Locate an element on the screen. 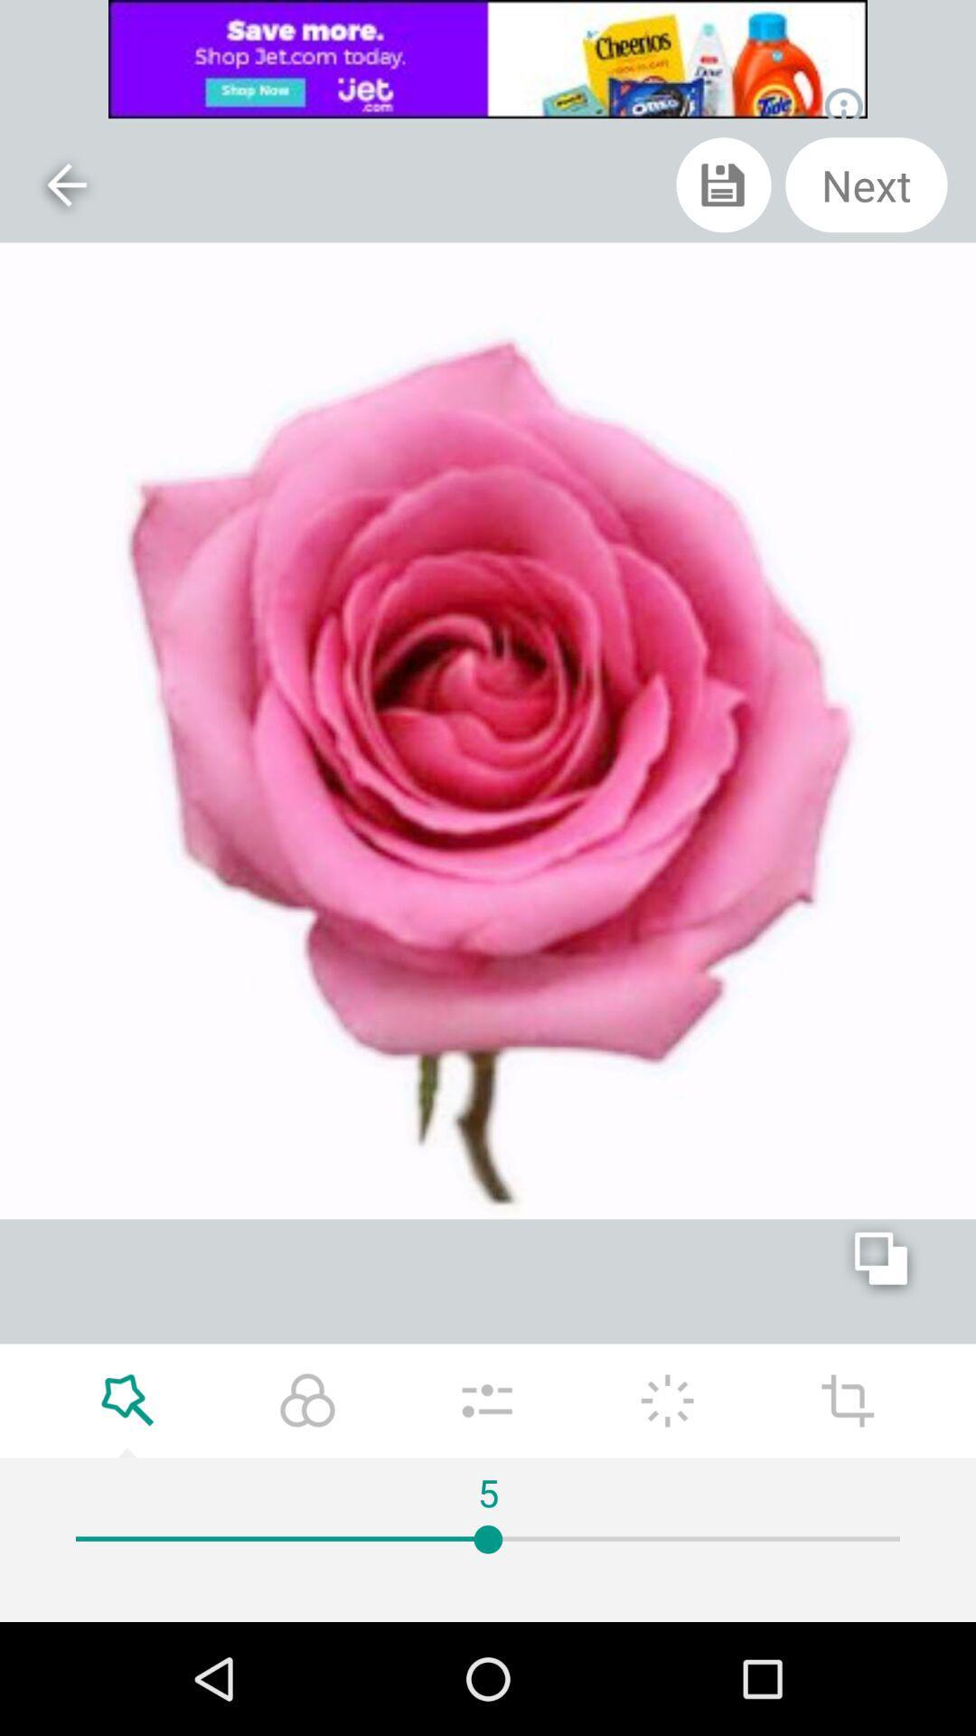 The image size is (976, 1736). file save app is located at coordinates (723, 184).